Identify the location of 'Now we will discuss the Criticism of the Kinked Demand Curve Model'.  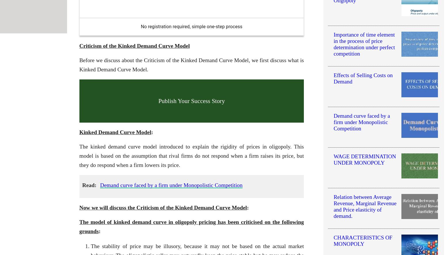
(79, 208).